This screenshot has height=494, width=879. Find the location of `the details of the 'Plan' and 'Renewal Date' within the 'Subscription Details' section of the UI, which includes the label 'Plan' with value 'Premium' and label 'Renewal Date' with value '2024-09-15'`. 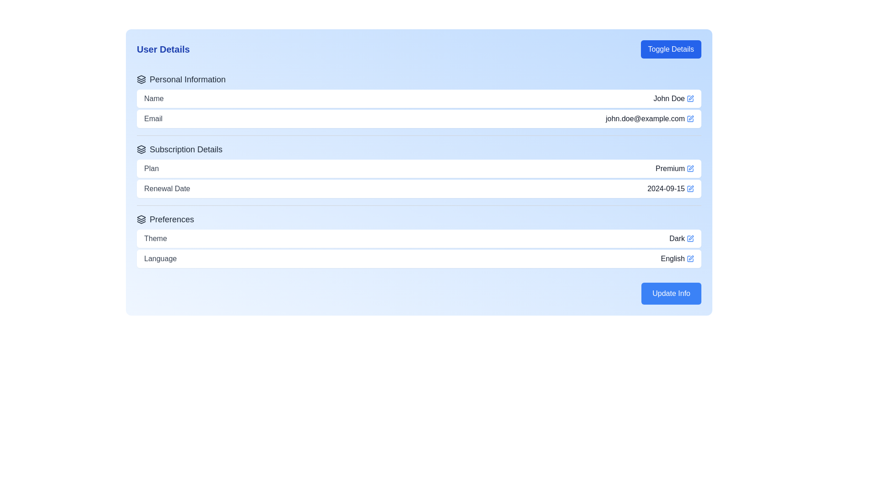

the details of the 'Plan' and 'Renewal Date' within the 'Subscription Details' section of the UI, which includes the label 'Plan' with value 'Premium' and label 'Renewal Date' with value '2024-09-15' is located at coordinates (418, 178).